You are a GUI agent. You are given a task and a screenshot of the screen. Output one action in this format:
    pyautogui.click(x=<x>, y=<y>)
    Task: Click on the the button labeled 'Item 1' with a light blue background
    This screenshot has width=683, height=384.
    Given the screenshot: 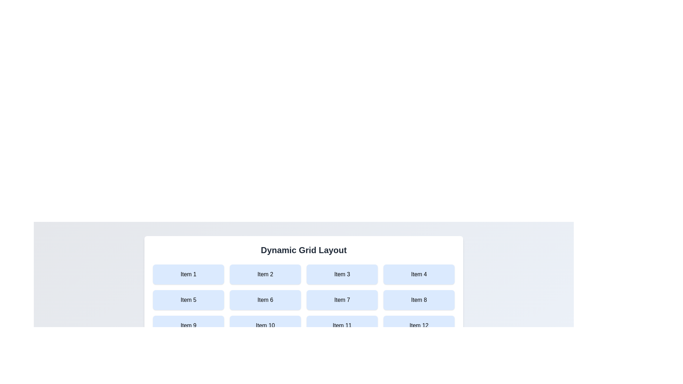 What is the action you would take?
    pyautogui.click(x=188, y=274)
    